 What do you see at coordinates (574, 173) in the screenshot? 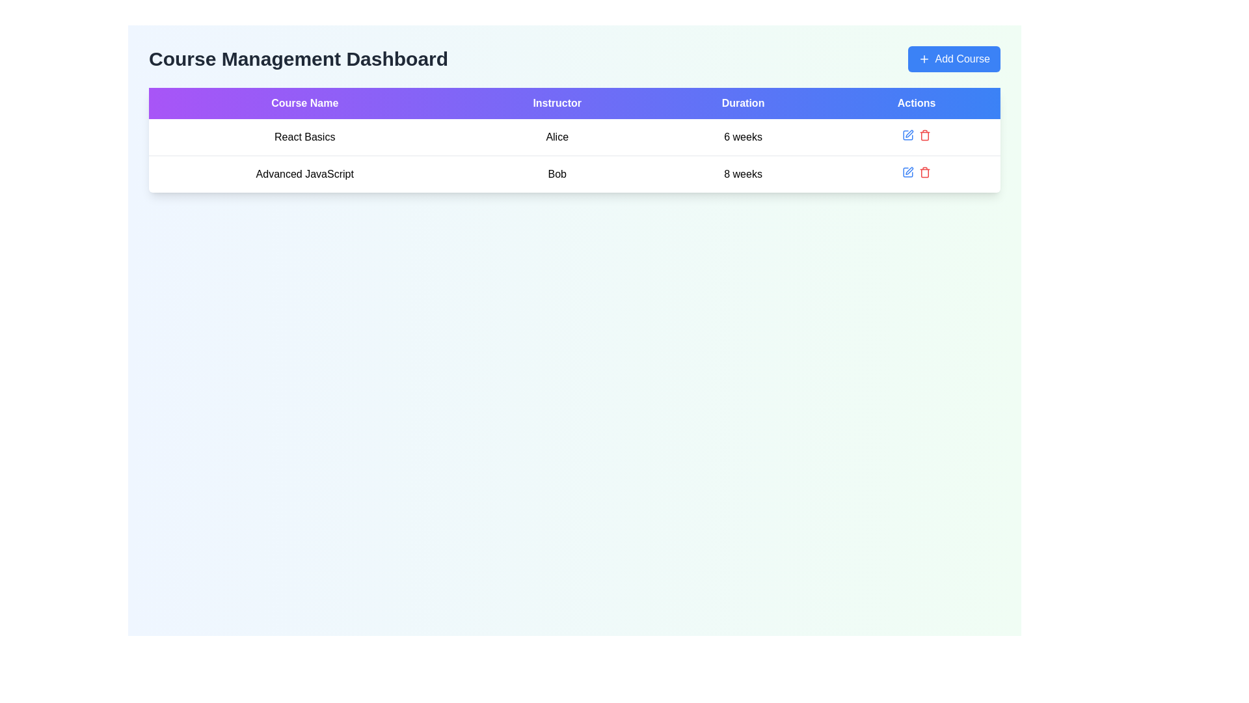
I see `the second row in the course table displaying 'Advanced JavaScript', 'Bob', and '8 weeks'` at bounding box center [574, 173].